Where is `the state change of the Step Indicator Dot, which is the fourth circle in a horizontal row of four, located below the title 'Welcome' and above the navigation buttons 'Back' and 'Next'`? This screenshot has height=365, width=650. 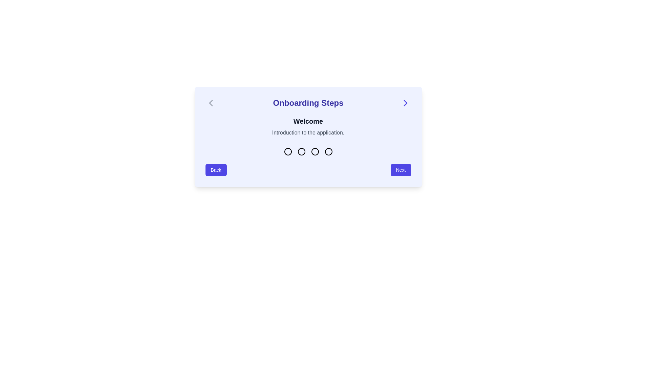
the state change of the Step Indicator Dot, which is the fourth circle in a horizontal row of four, located below the title 'Welcome' and above the navigation buttons 'Back' and 'Next' is located at coordinates (328, 151).